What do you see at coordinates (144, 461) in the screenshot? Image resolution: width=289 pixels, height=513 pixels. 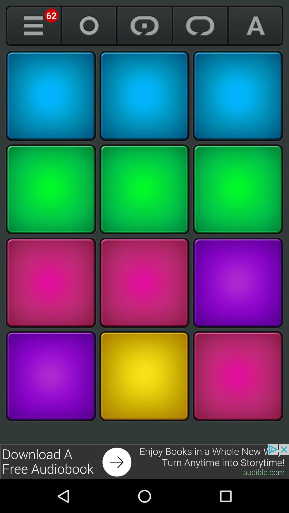 I see `audible advertisement` at bounding box center [144, 461].